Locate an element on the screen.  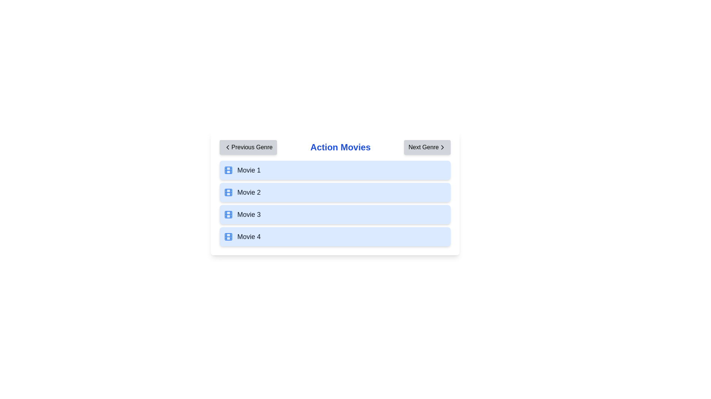
the blue film reel icon located in the left portion of the second row of entries in the 'Action Movies' section is located at coordinates (228, 192).